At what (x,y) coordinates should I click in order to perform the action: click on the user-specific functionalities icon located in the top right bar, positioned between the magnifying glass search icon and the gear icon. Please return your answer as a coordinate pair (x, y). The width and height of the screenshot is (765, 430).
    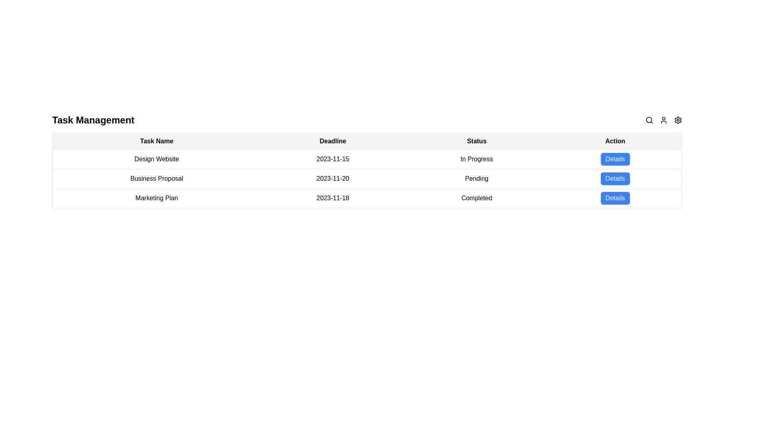
    Looking at the image, I should click on (663, 120).